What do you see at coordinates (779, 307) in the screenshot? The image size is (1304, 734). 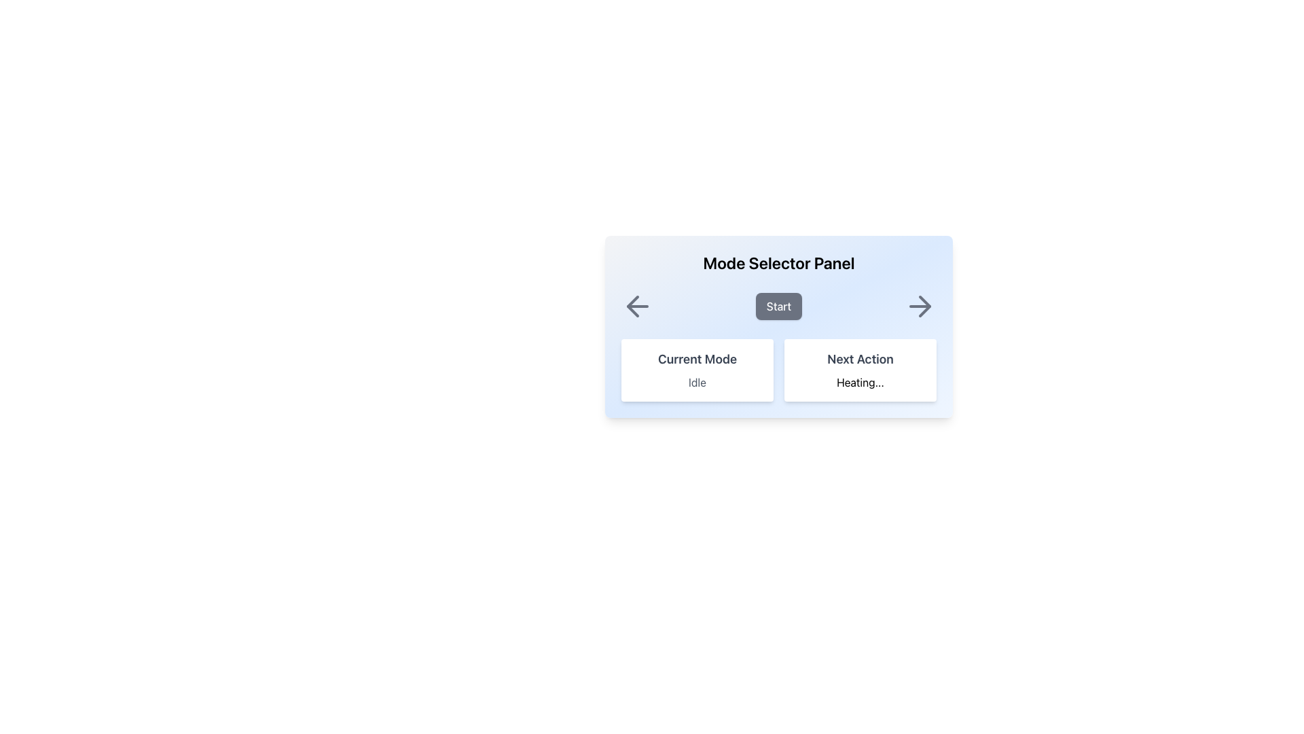 I see `the Start button located in the Mode Selector Panel, which is centrally placed between two arrow icons, to initiate an action` at bounding box center [779, 307].